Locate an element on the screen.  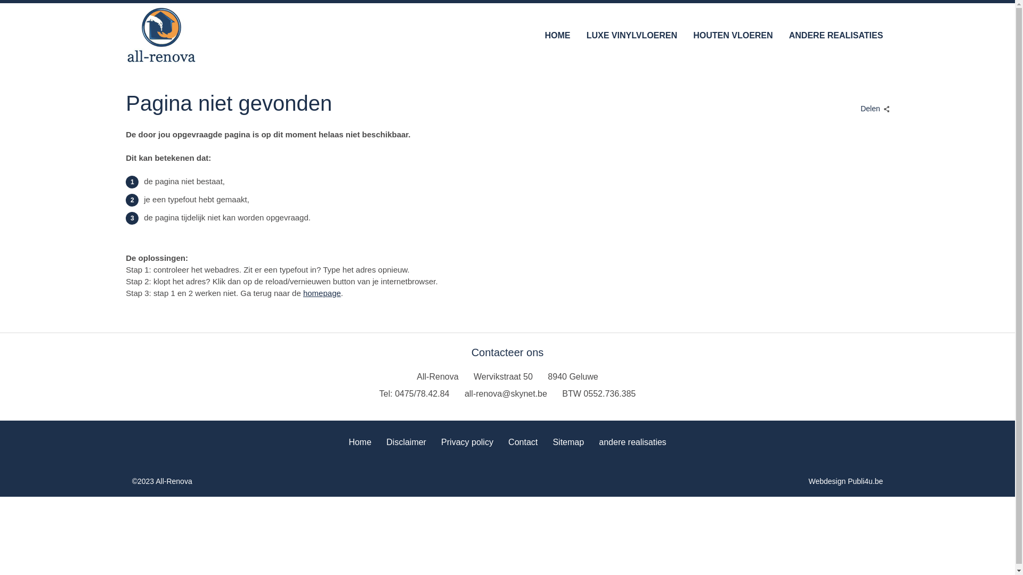
'HOME' is located at coordinates (557, 34).